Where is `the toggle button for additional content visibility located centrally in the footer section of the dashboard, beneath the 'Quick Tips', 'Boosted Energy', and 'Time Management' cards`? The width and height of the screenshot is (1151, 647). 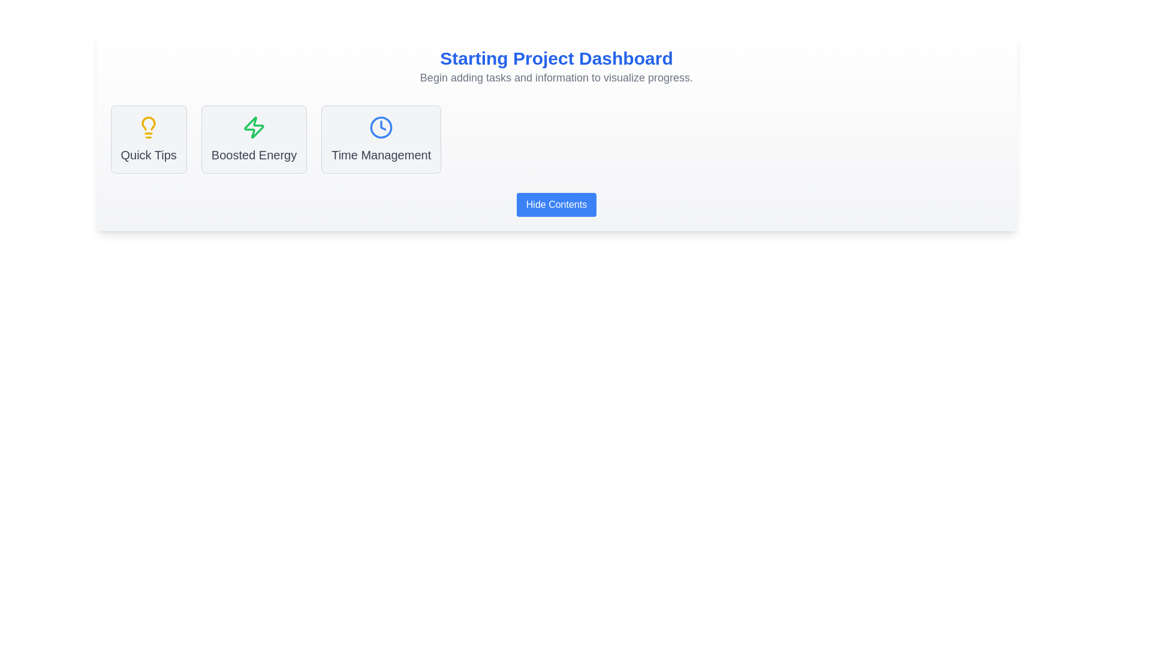
the toggle button for additional content visibility located centrally in the footer section of the dashboard, beneath the 'Quick Tips', 'Boosted Energy', and 'Time Management' cards is located at coordinates (556, 204).